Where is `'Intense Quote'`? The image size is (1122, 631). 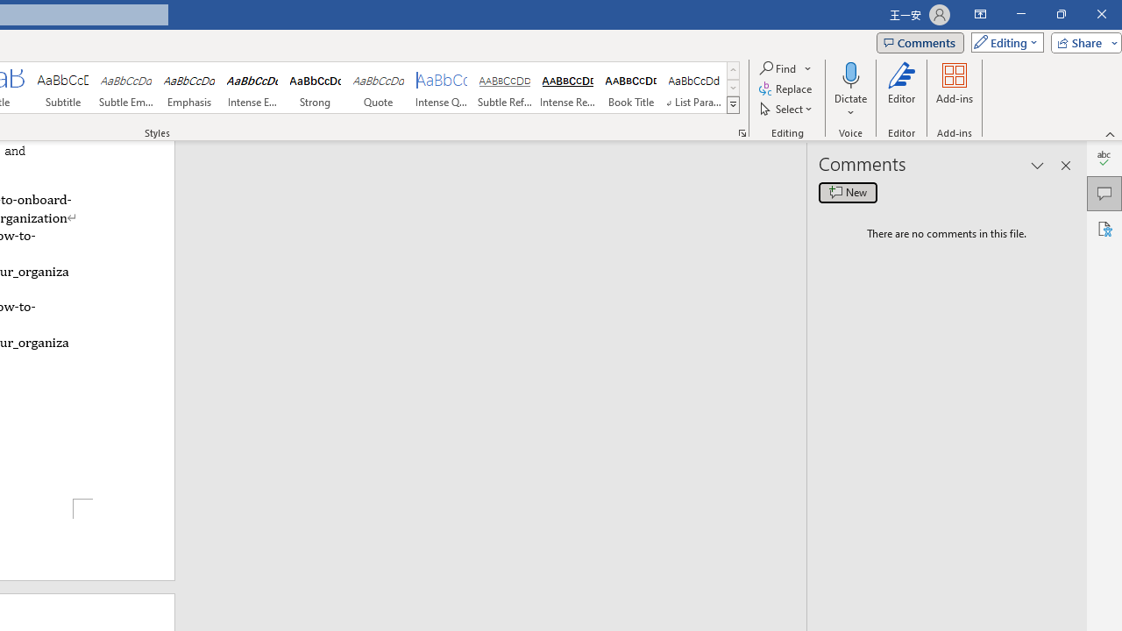 'Intense Quote' is located at coordinates (442, 88).